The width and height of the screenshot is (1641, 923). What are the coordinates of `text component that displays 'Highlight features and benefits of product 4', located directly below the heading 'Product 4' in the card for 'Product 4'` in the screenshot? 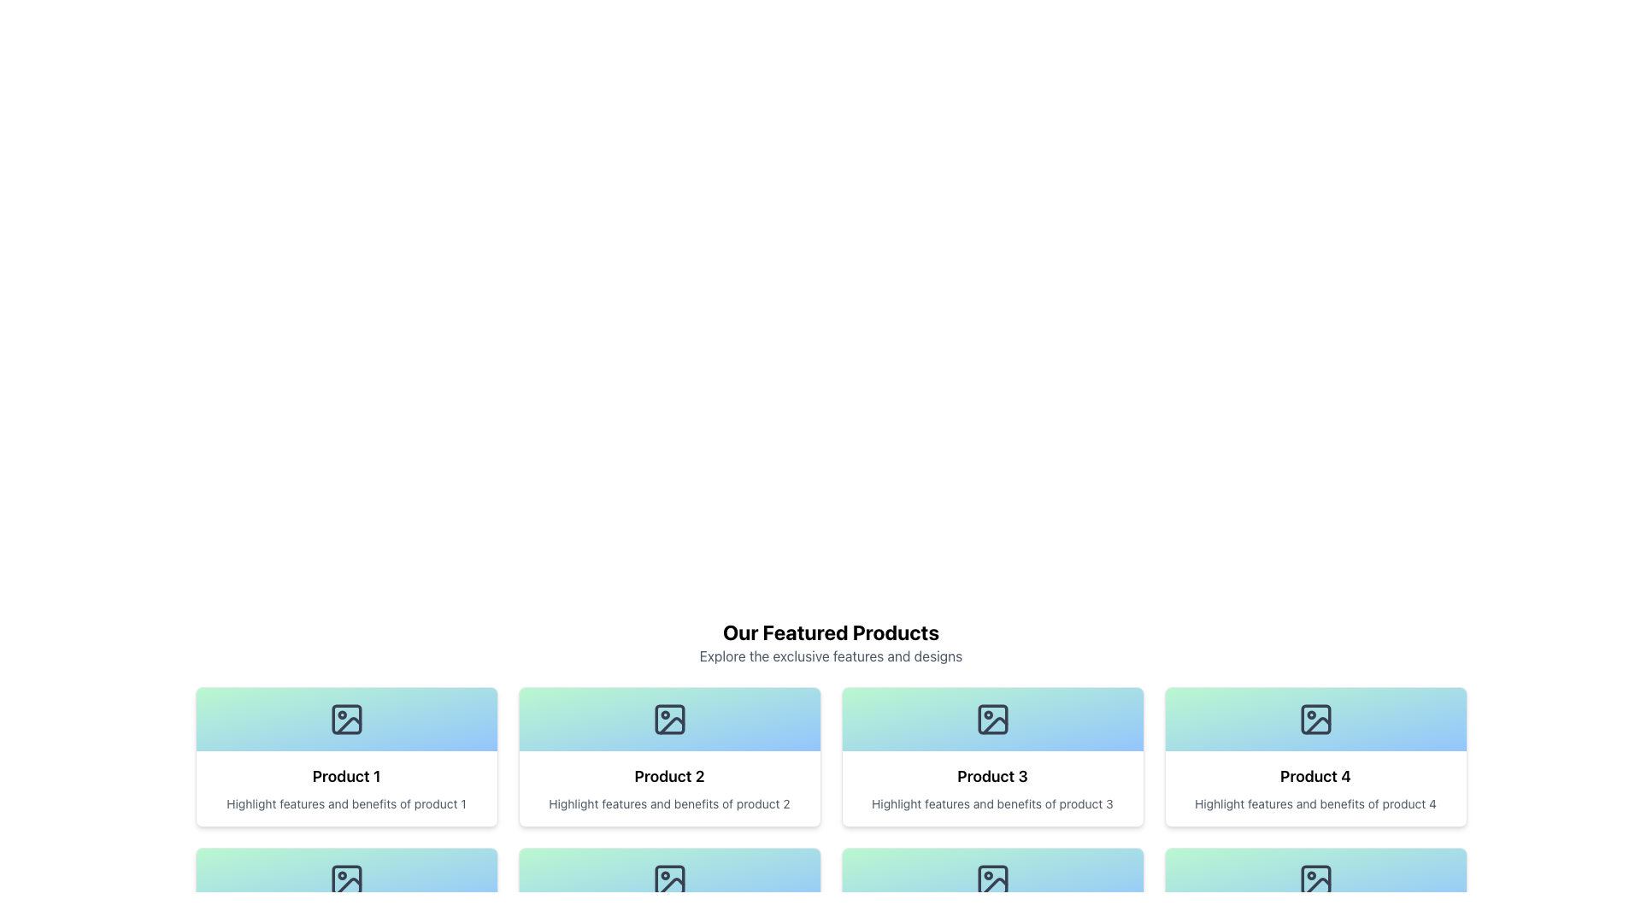 It's located at (1315, 804).